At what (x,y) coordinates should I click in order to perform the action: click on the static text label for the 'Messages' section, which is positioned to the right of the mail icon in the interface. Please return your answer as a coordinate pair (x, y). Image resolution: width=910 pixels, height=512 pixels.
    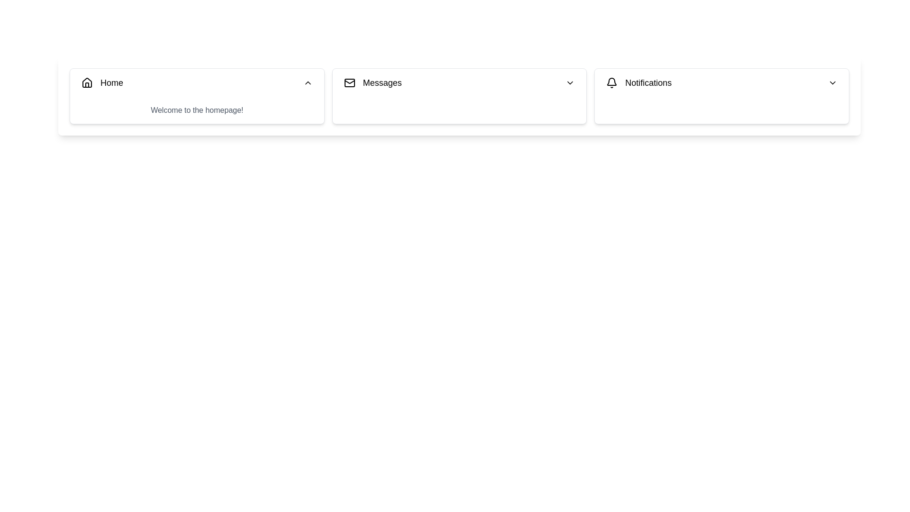
    Looking at the image, I should click on (382, 82).